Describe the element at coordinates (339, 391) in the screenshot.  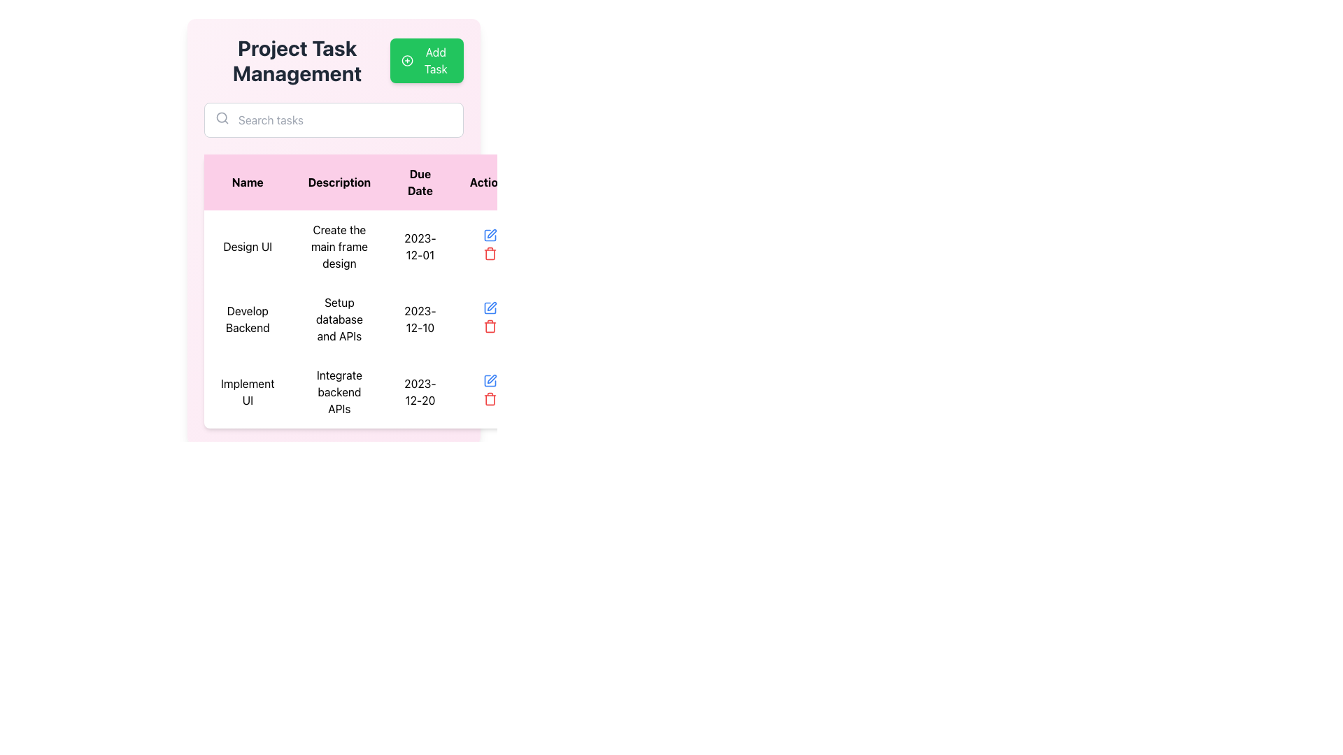
I see `the text label that says 'Integrate backend APIs', which is centrally aligned with padding and located under the 'Description' column in the same row as 'Implement UI'` at that location.